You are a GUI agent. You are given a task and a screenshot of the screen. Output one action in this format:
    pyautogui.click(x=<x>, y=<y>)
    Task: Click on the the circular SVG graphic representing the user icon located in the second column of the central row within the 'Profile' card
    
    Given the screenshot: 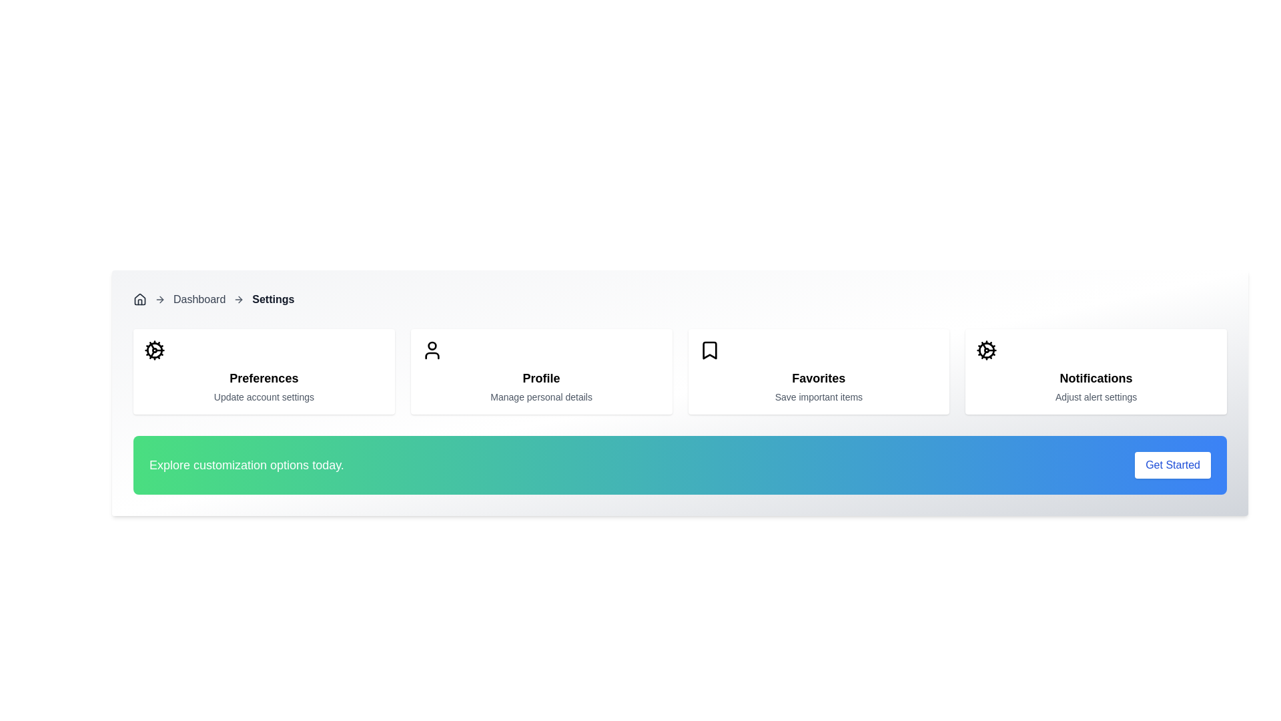 What is the action you would take?
    pyautogui.click(x=432, y=345)
    